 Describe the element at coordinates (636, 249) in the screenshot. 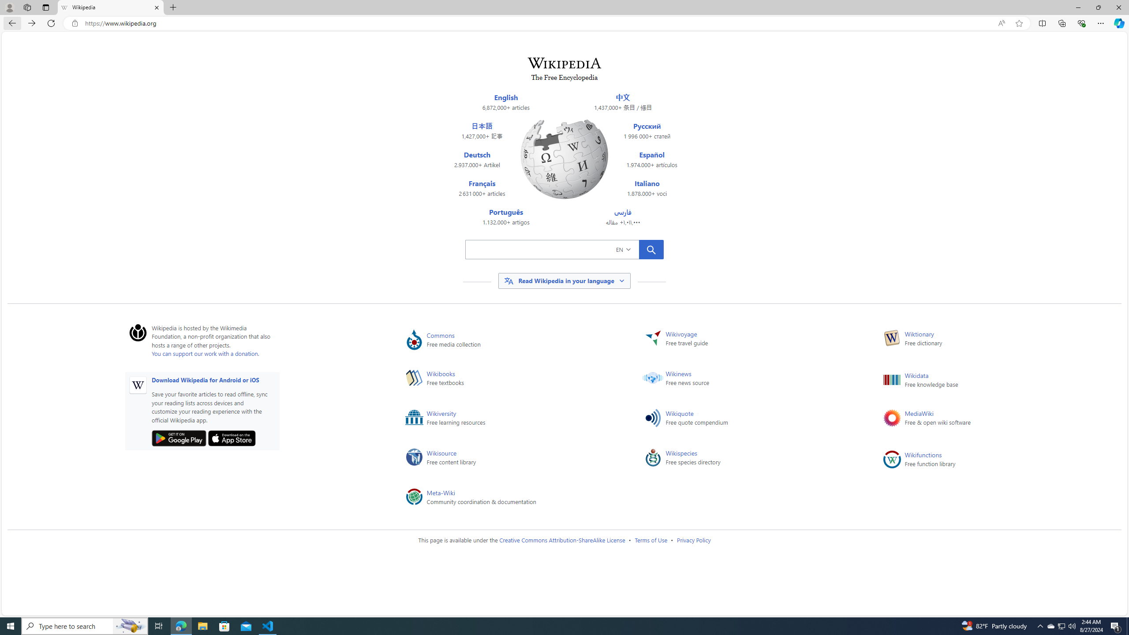

I see `'EN'` at that location.